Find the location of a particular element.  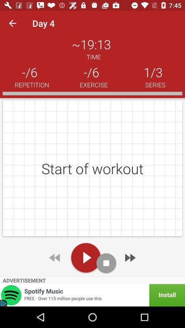

install advertiser app is located at coordinates (92, 295).